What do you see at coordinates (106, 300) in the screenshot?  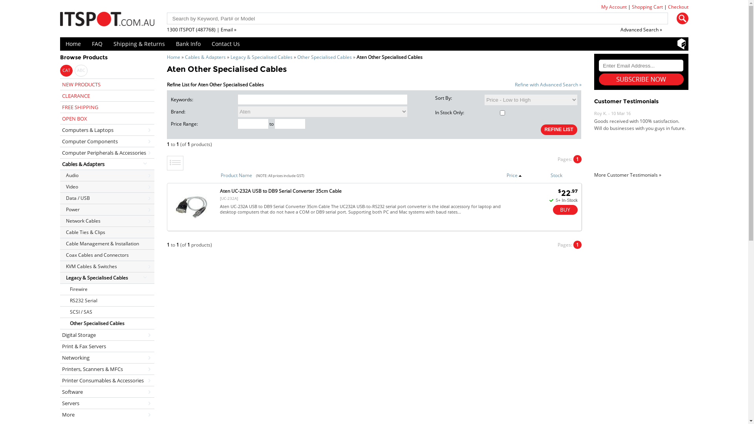 I see `'RS232 Serial'` at bounding box center [106, 300].